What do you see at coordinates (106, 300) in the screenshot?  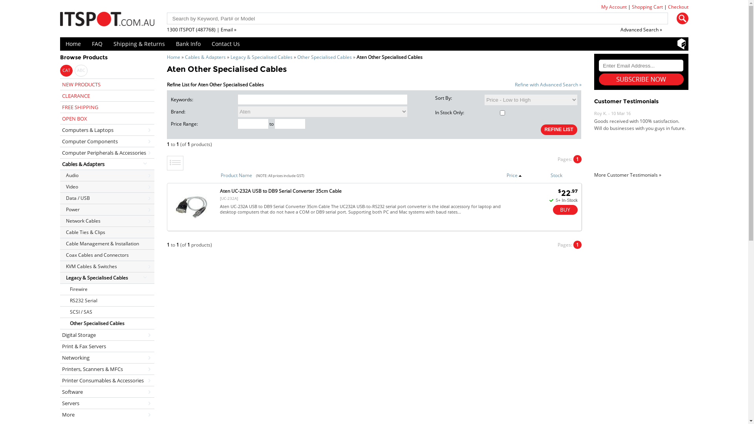 I see `'RS232 Serial'` at bounding box center [106, 300].